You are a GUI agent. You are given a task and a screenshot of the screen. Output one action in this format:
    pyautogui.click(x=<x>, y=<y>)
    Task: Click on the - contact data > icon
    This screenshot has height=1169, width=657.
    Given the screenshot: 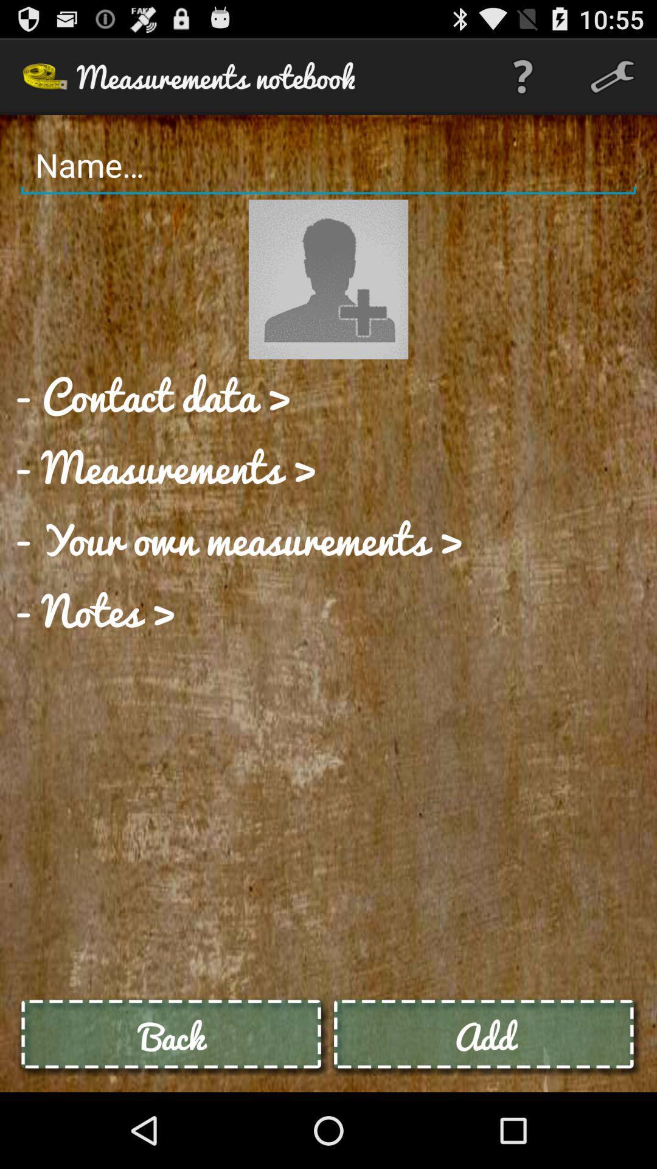 What is the action you would take?
    pyautogui.click(x=152, y=395)
    